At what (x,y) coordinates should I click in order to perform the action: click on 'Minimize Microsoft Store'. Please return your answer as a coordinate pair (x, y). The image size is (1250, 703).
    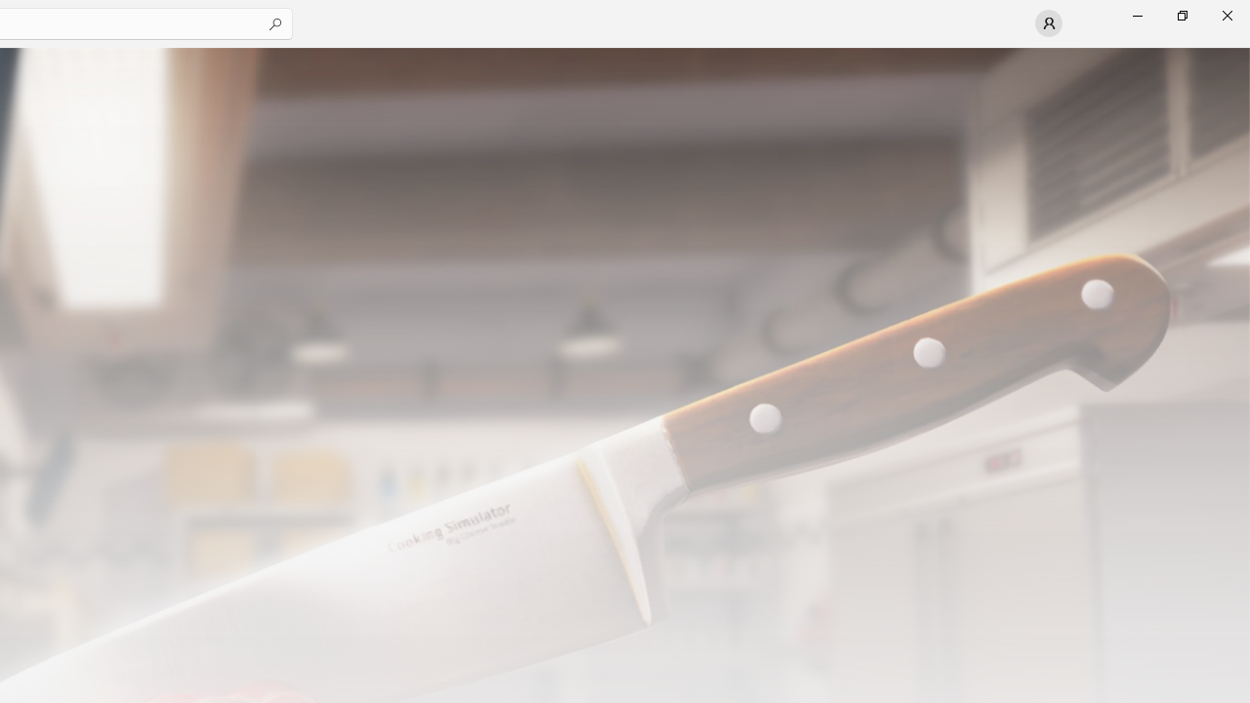
    Looking at the image, I should click on (1137, 15).